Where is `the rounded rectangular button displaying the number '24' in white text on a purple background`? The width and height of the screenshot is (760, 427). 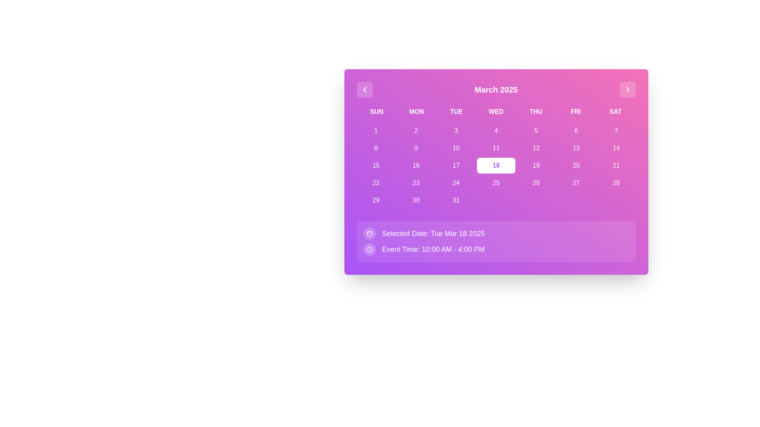 the rounded rectangular button displaying the number '24' in white text on a purple background is located at coordinates (456, 183).